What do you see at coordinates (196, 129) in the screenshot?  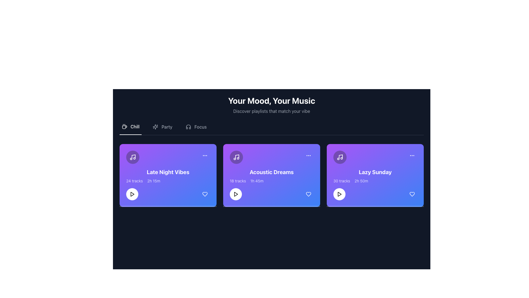 I see `the 'Focus' button, which is the third item in the navigation bar` at bounding box center [196, 129].